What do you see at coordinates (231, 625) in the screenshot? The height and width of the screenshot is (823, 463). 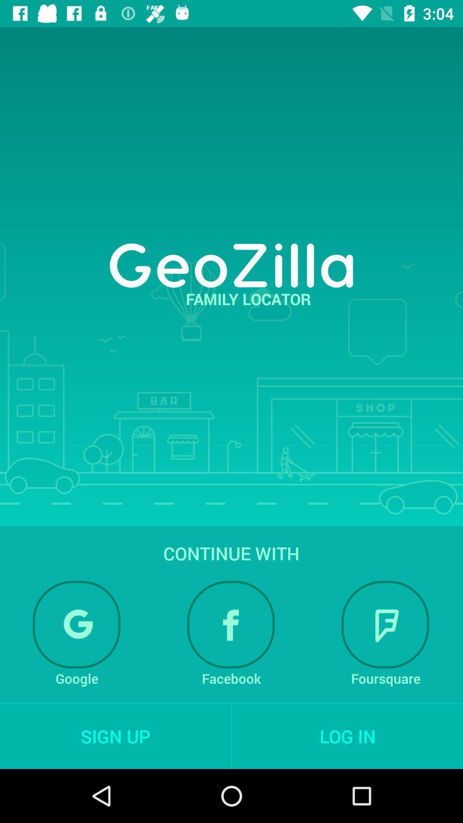 I see `sign in through facebook option` at bounding box center [231, 625].